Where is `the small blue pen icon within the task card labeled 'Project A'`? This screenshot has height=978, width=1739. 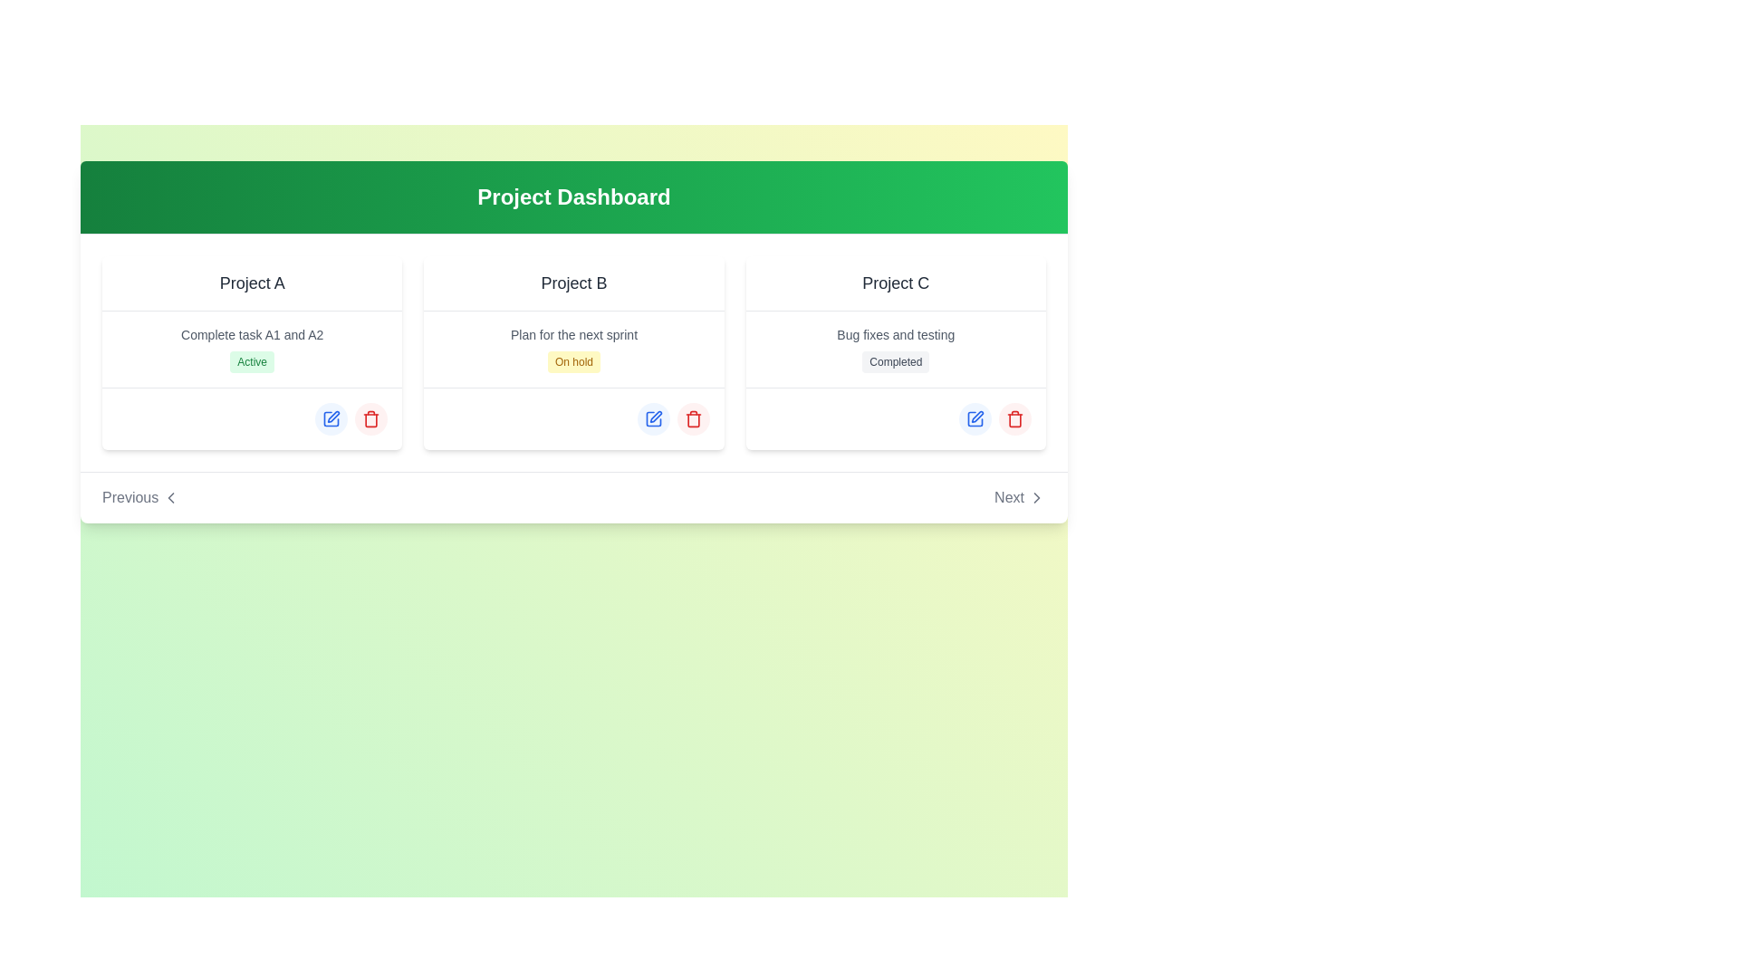 the small blue pen icon within the task card labeled 'Project A' is located at coordinates (333, 417).